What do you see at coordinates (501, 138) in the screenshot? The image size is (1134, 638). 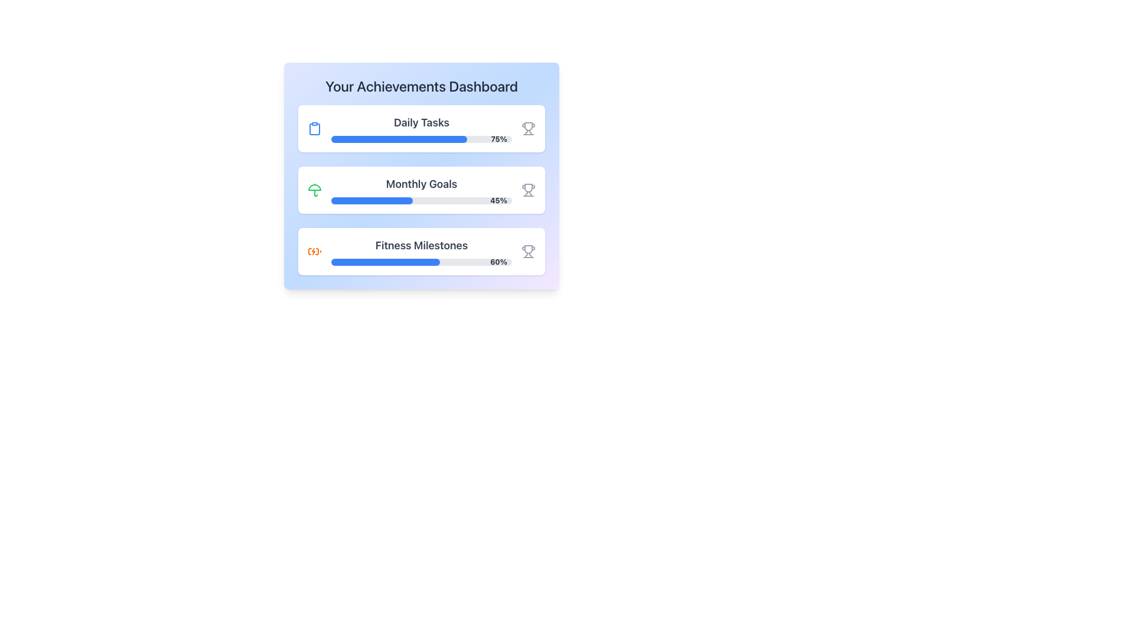 I see `the percentage label displaying '75%' in bold gray text, located on the right side of the 'Daily Tasks' progress bar in the dashboard` at bounding box center [501, 138].